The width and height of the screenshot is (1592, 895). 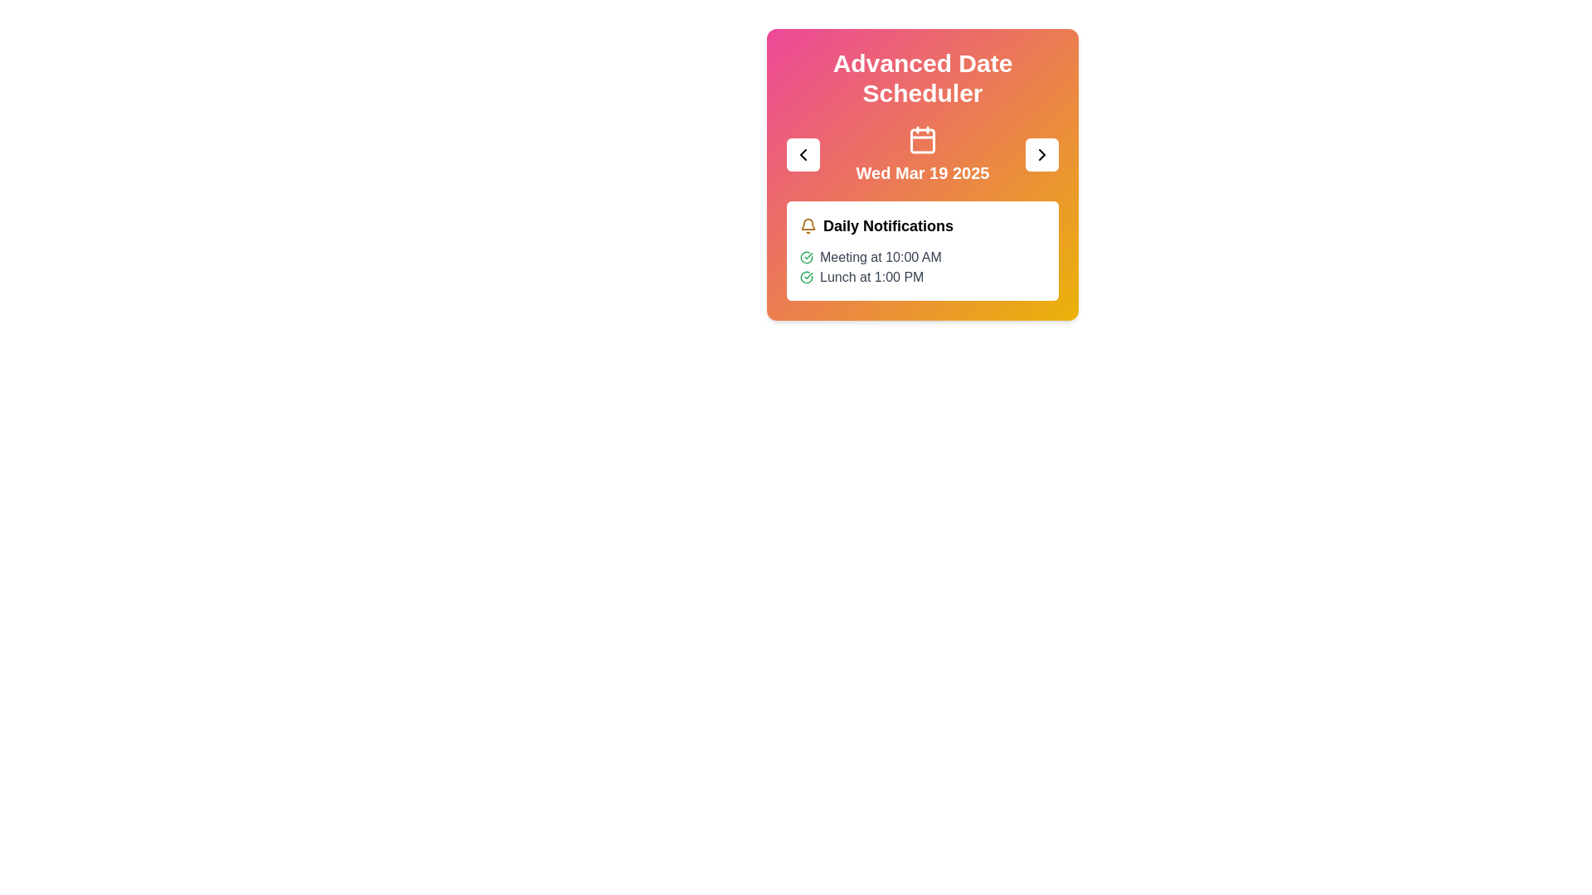 I want to click on the green circular icon with a checkmark inside, which represents confirmation or completion, located to the left of the text 'Meeting at 10:00 AM' under 'Daily Notifications', so click(x=807, y=258).